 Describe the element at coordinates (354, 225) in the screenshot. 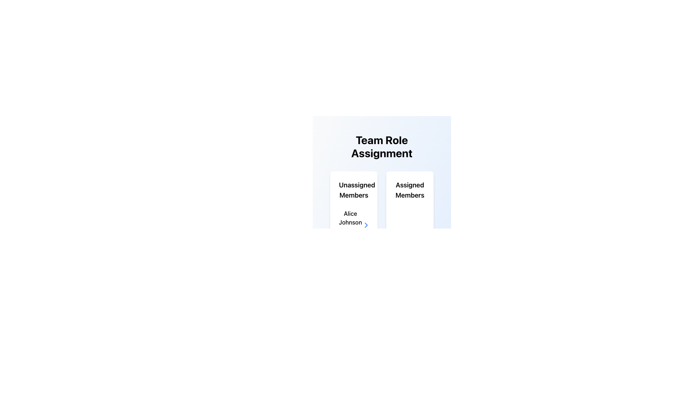

I see `the list item labeled 'Alice Johnson' located in the 'Unassigned Members' section under the 'Team Role Assignment' heading` at that location.